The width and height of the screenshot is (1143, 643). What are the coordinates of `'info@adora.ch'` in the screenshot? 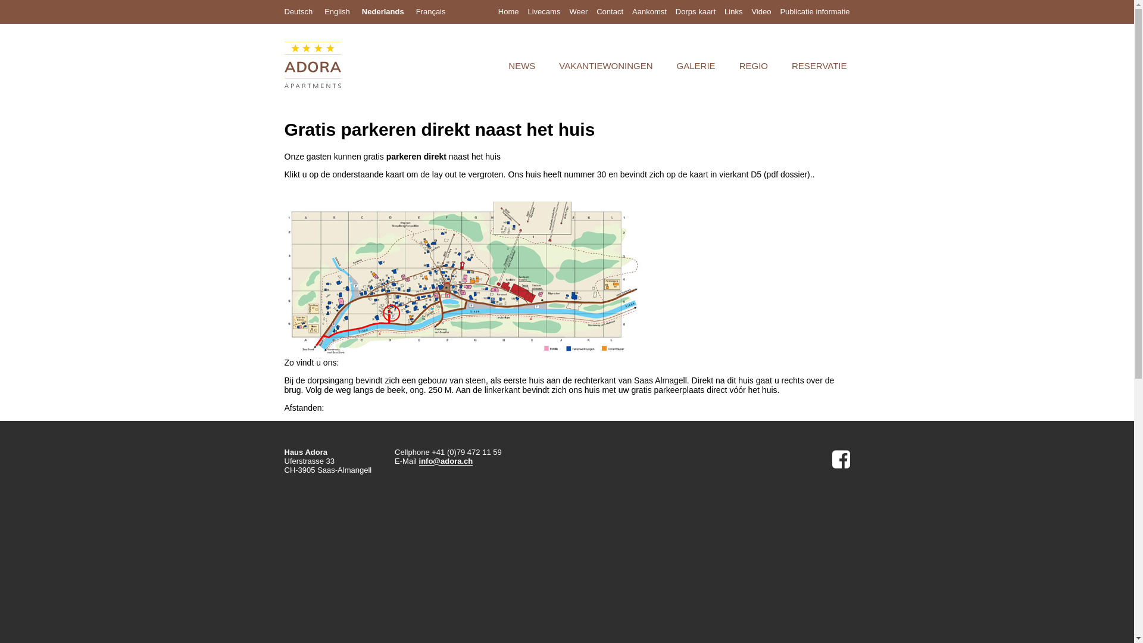 It's located at (445, 461).